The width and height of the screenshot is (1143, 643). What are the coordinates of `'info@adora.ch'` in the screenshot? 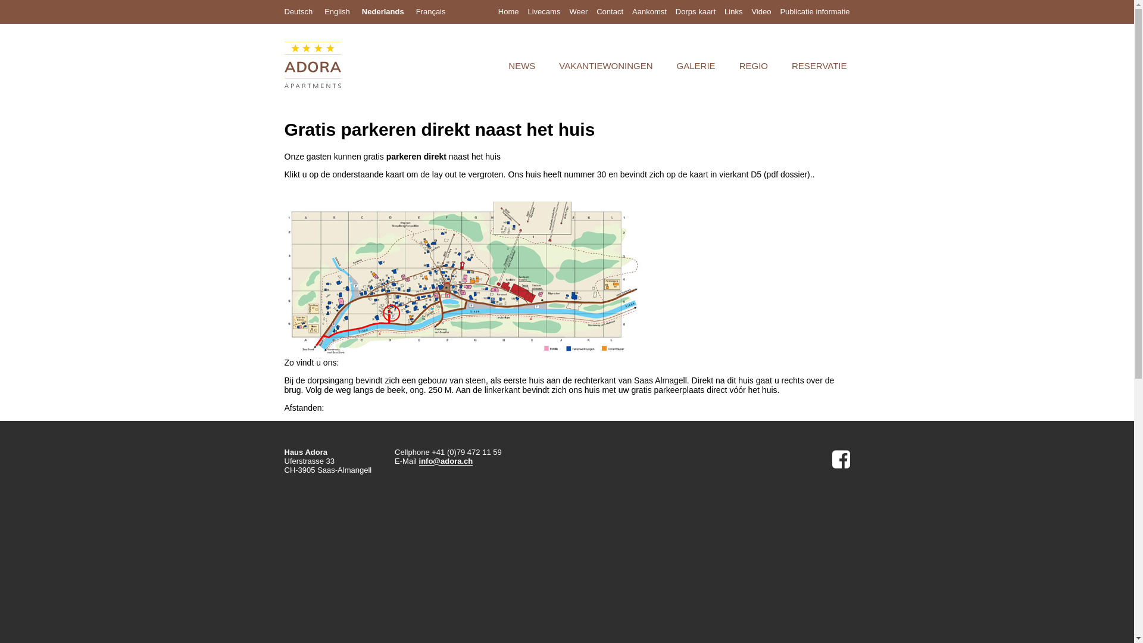 It's located at (445, 461).